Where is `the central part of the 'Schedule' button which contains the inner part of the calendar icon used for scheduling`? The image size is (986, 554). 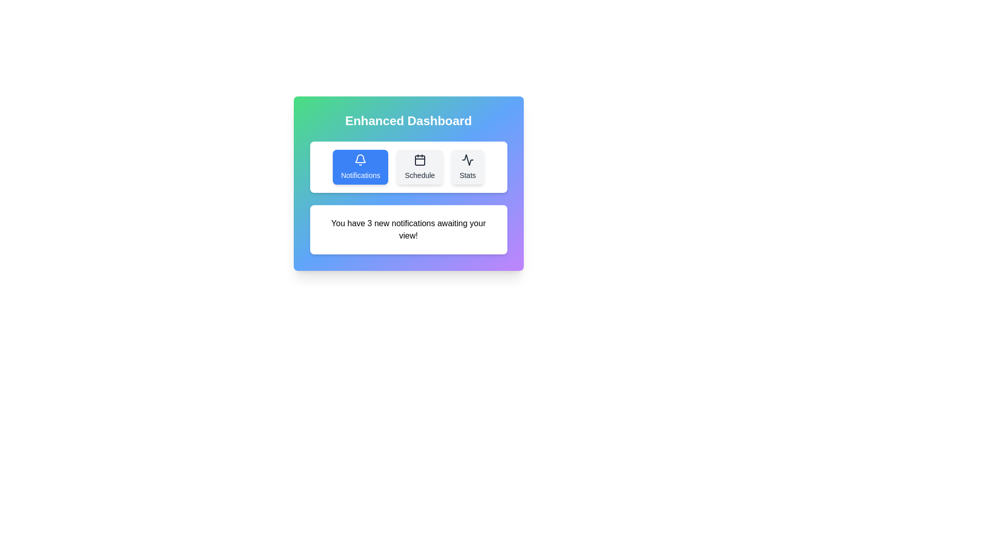 the central part of the 'Schedule' button which contains the inner part of the calendar icon used for scheduling is located at coordinates (420, 160).